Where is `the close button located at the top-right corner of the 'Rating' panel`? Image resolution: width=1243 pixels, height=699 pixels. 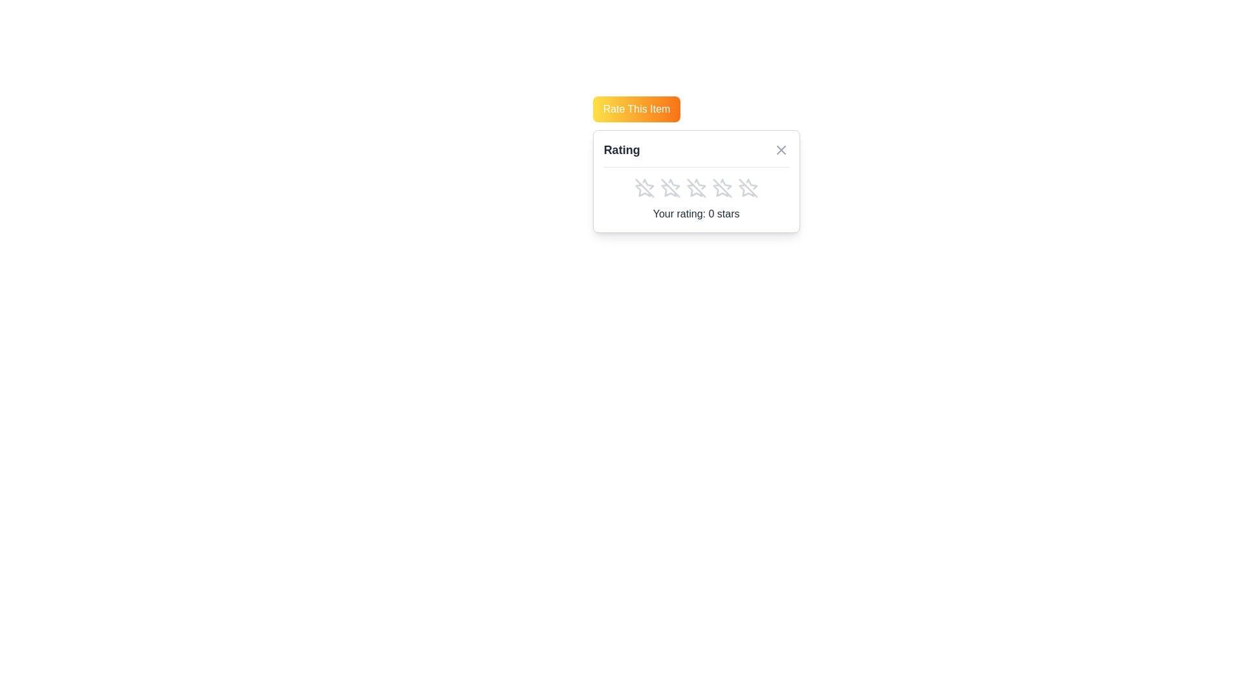
the close button located at the top-right corner of the 'Rating' panel is located at coordinates (780, 149).